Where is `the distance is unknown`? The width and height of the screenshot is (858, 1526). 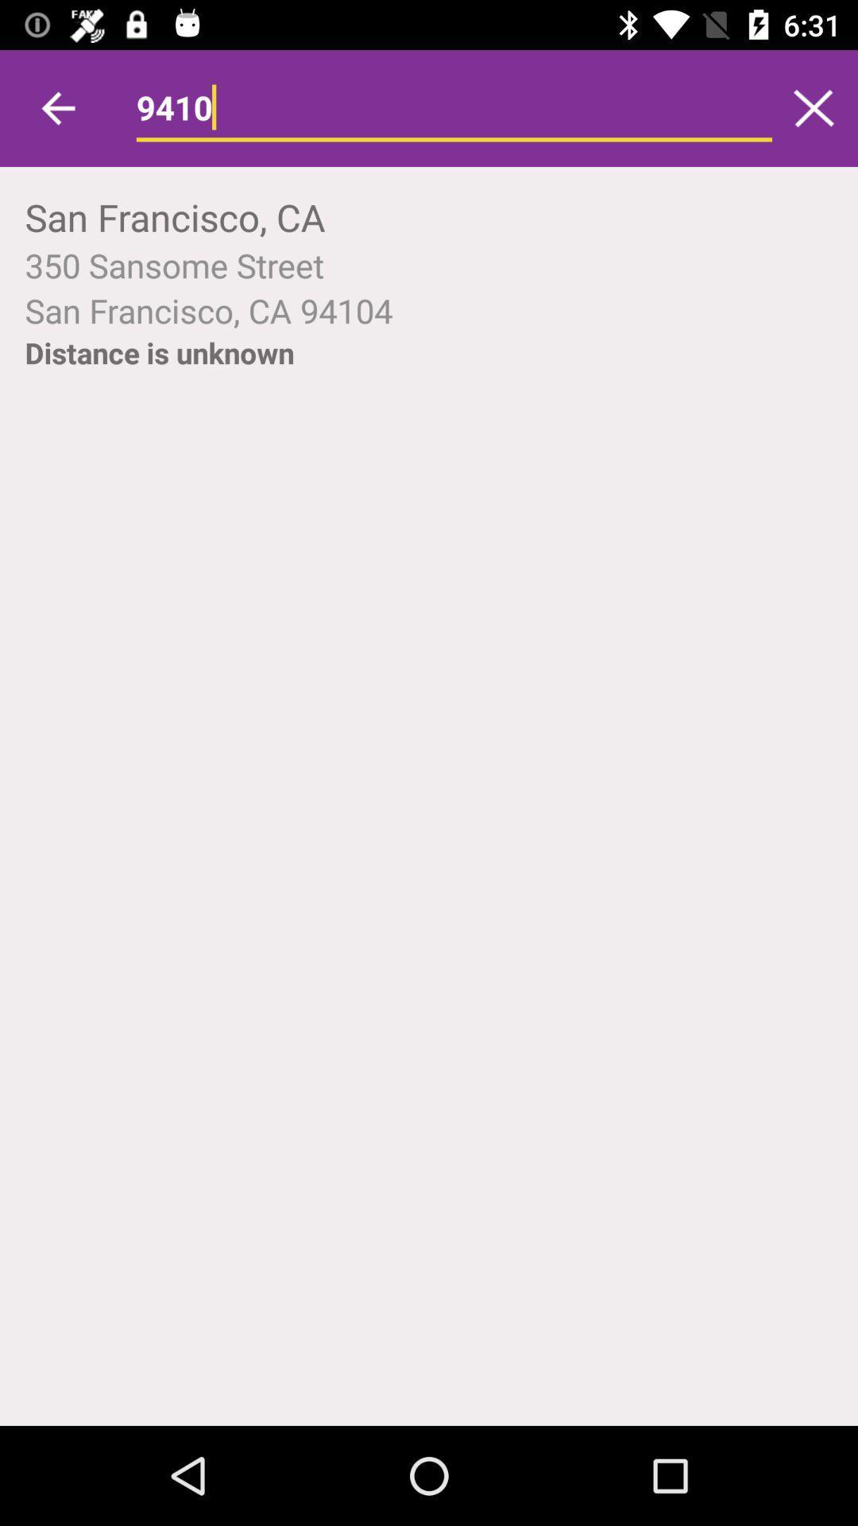 the distance is unknown is located at coordinates (159, 352).